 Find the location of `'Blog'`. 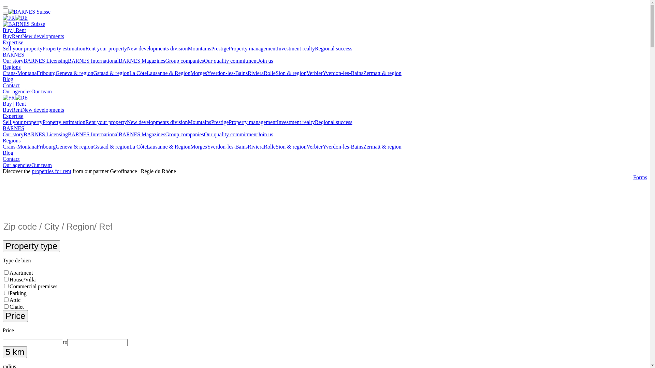

'Blog' is located at coordinates (8, 152).